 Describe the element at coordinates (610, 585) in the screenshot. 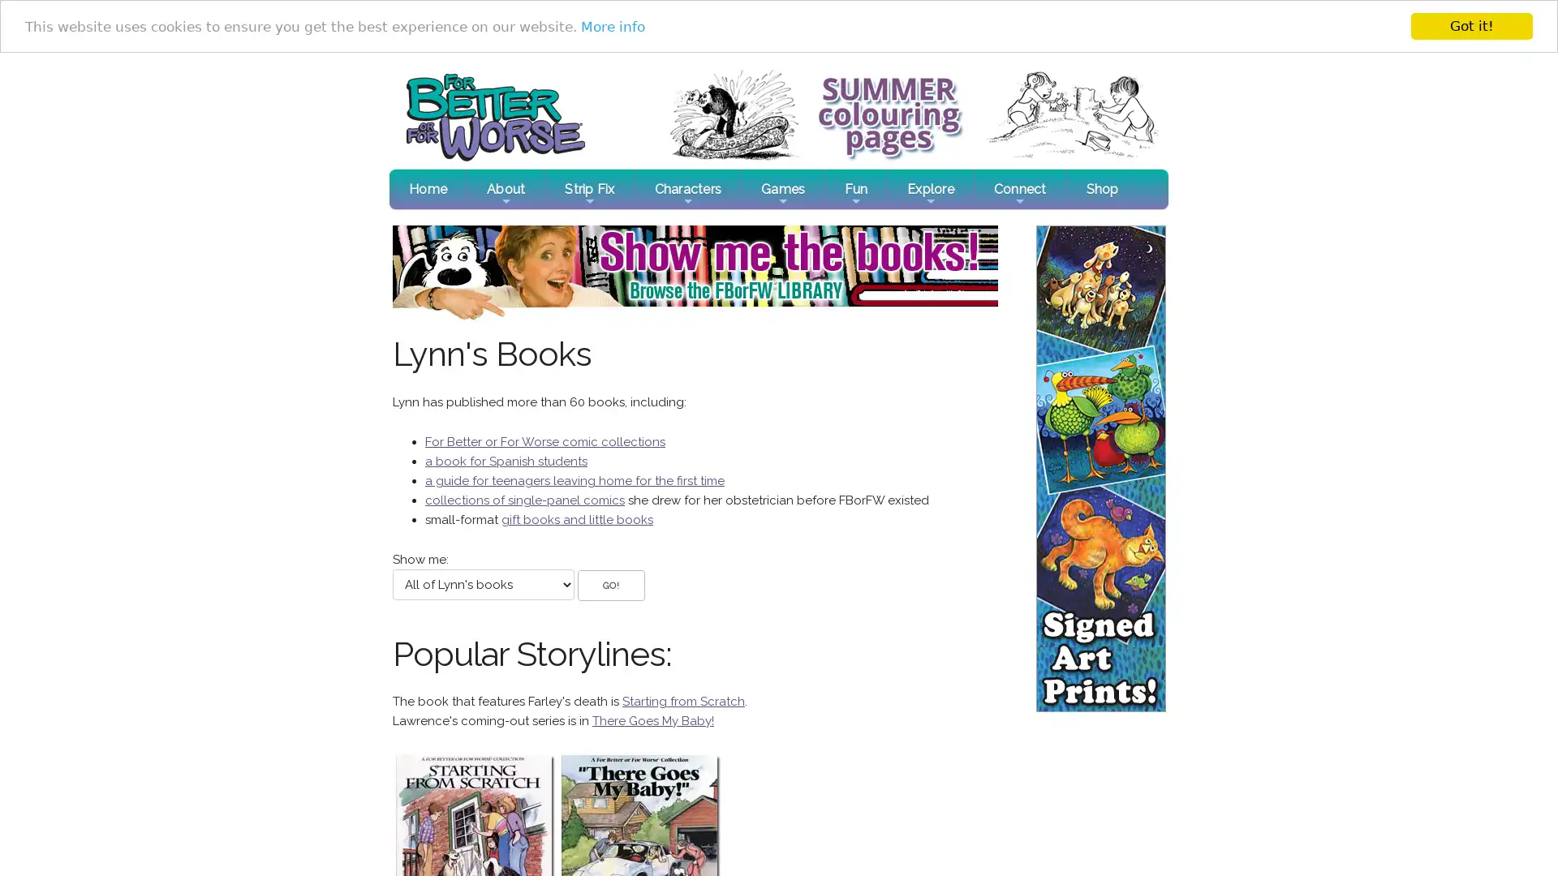

I see `Go!` at that location.